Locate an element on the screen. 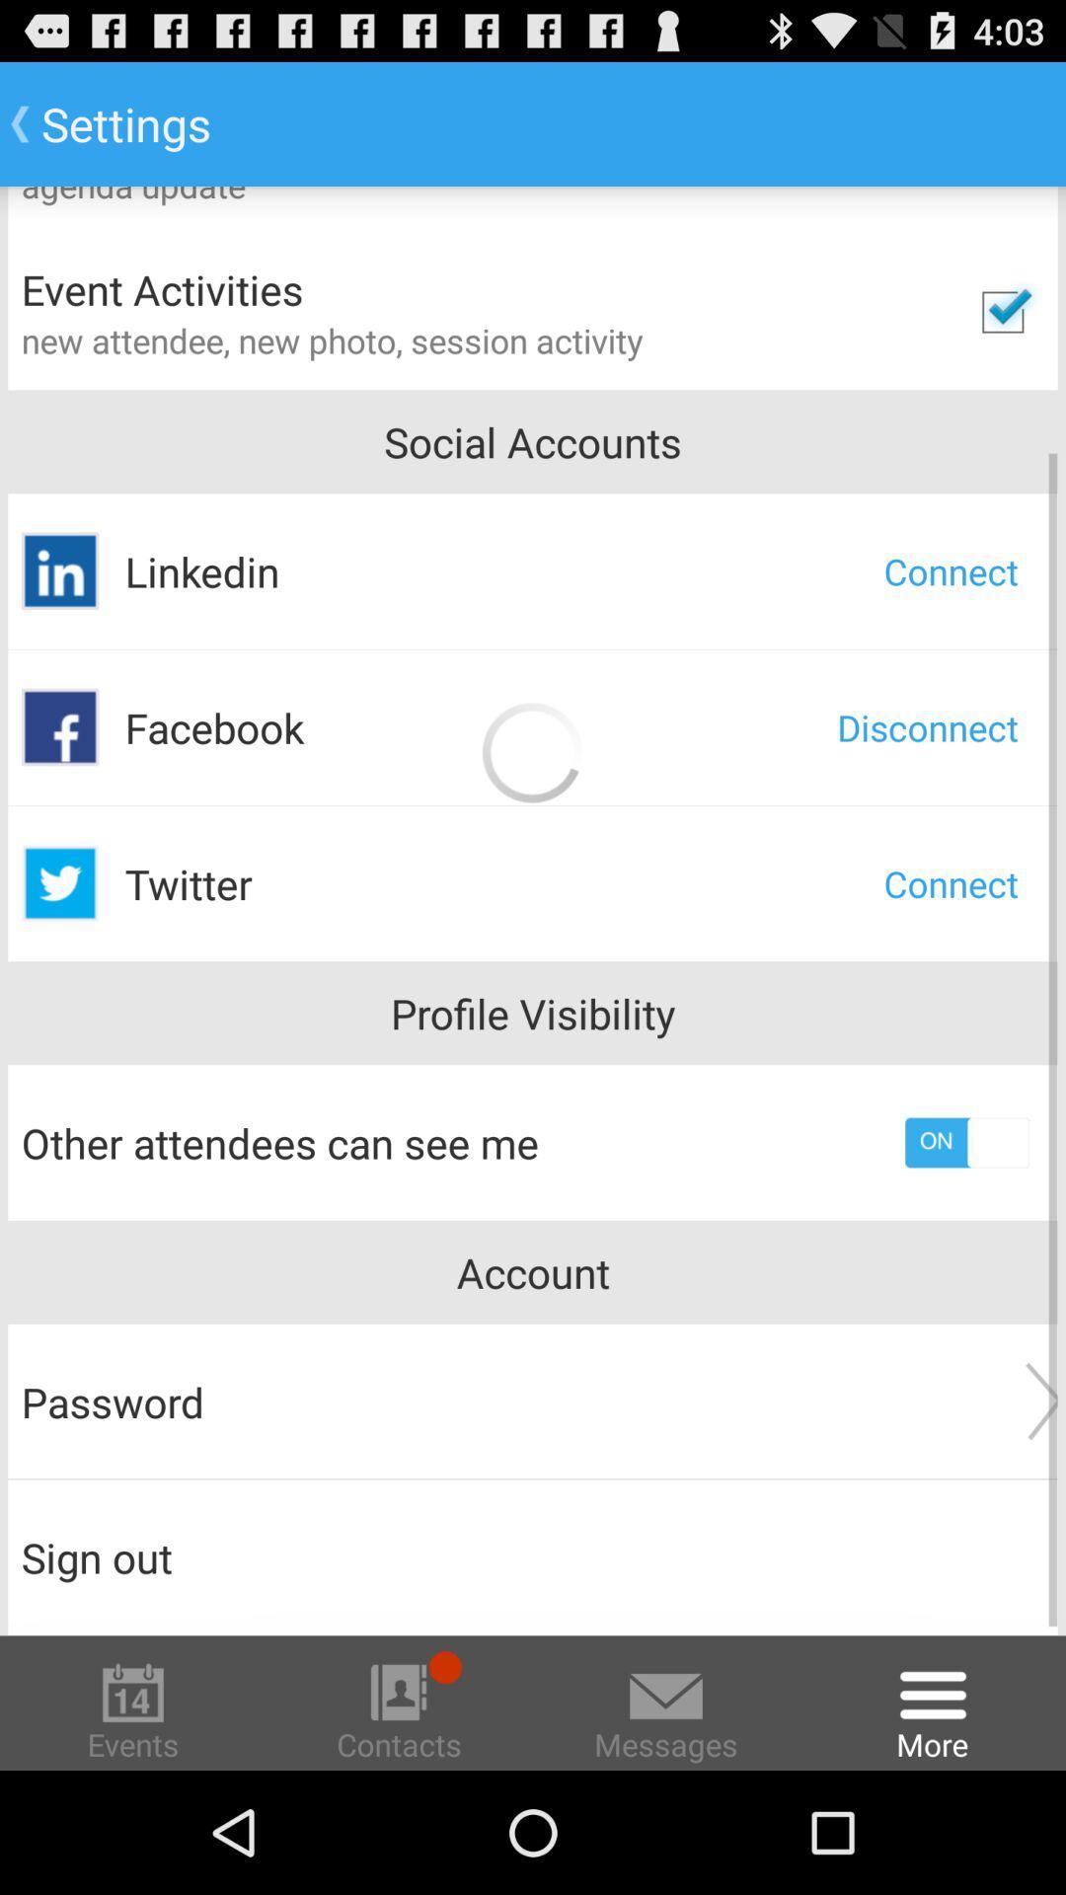 Image resolution: width=1066 pixels, height=1895 pixels. profile visibility switch is located at coordinates (965, 1142).